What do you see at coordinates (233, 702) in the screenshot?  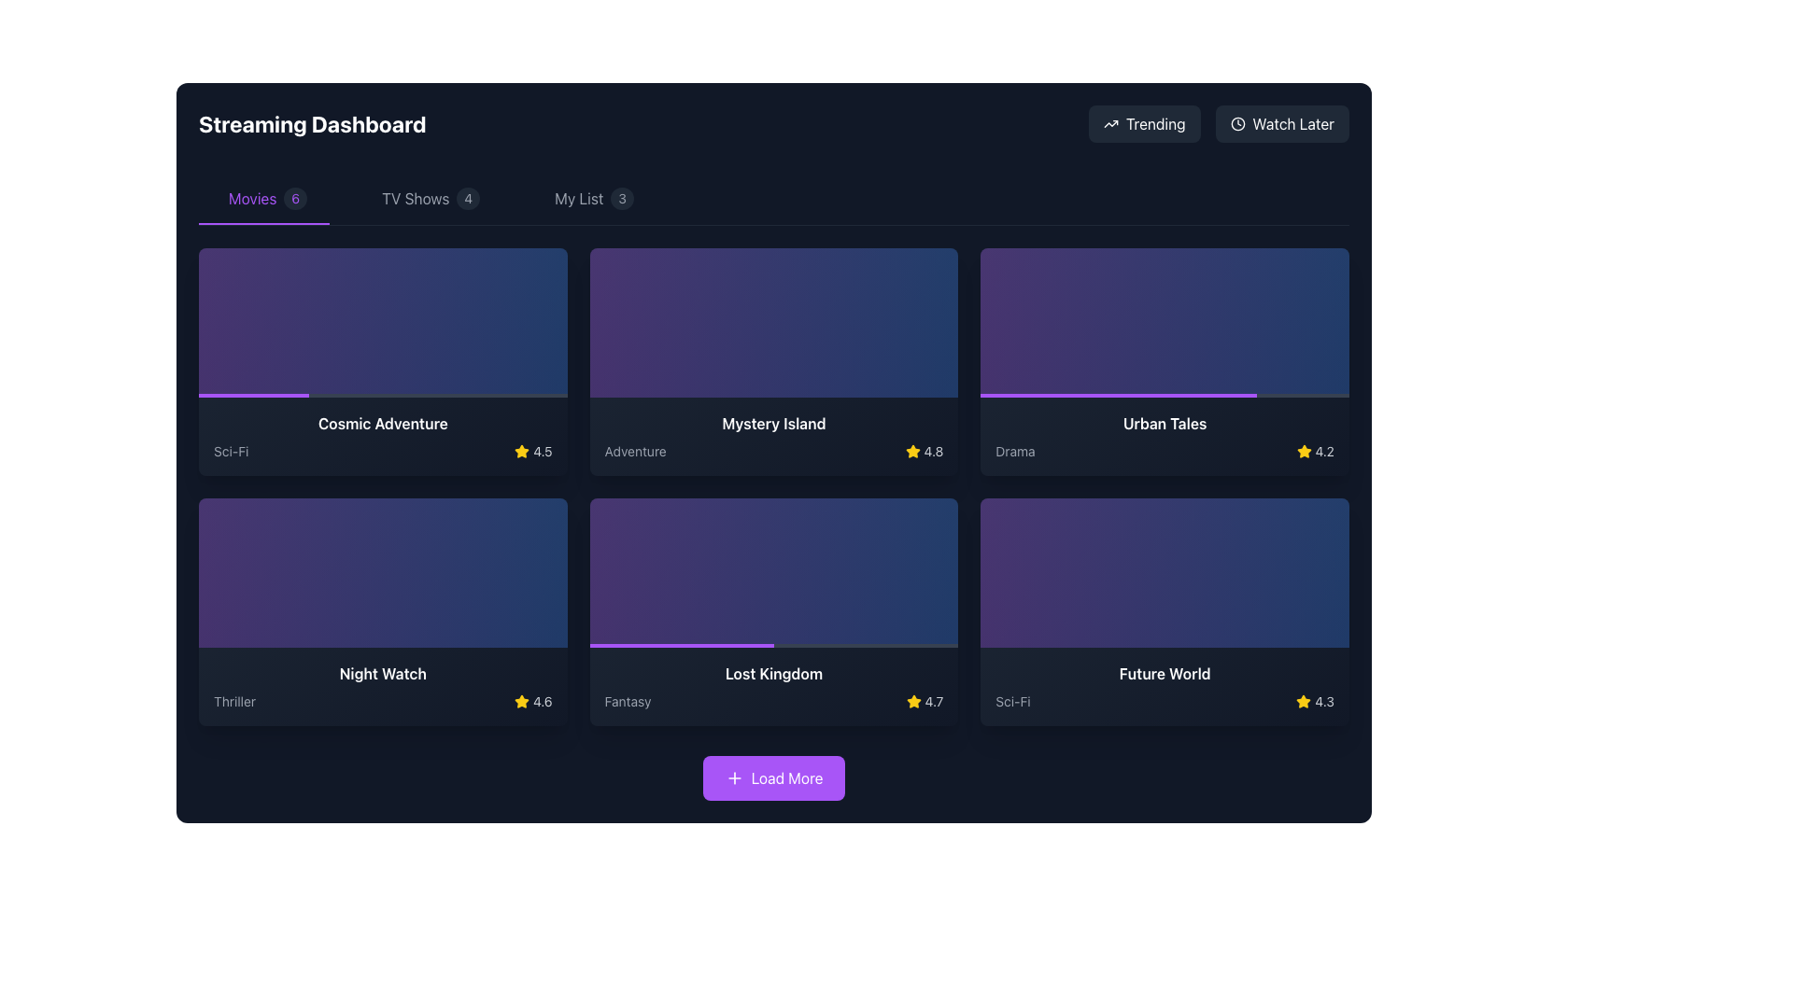 I see `the text label indicating the genre of the item labeled 'Night Watch', which is positioned to the left of the rating information and below the title` at bounding box center [233, 702].